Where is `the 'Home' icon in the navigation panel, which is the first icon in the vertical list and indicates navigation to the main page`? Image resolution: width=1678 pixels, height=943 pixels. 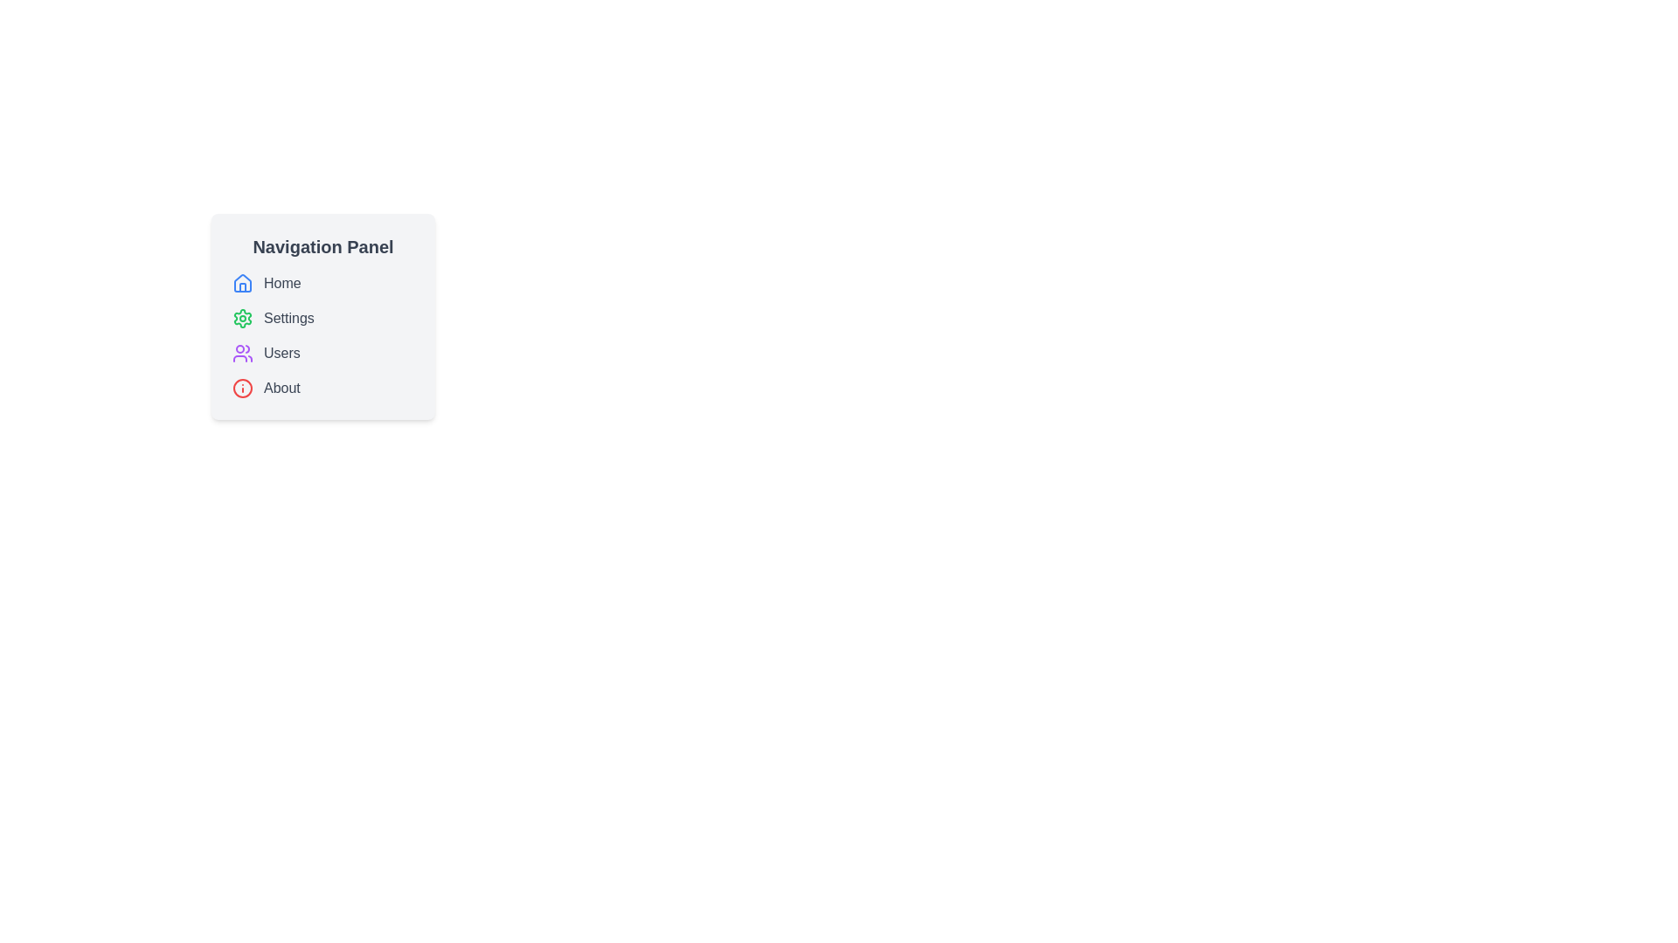 the 'Home' icon in the navigation panel, which is the first icon in the vertical list and indicates navigation to the main page is located at coordinates (242, 282).